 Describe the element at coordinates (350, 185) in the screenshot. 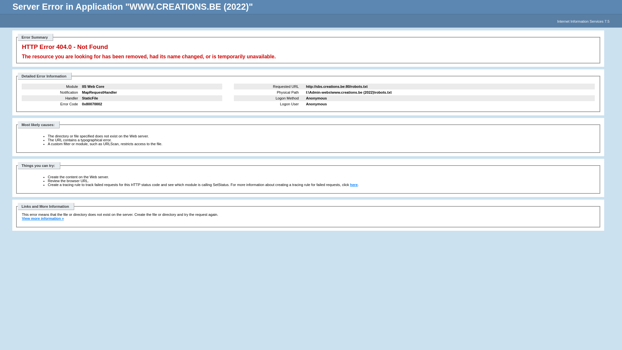

I see `'here'` at that location.